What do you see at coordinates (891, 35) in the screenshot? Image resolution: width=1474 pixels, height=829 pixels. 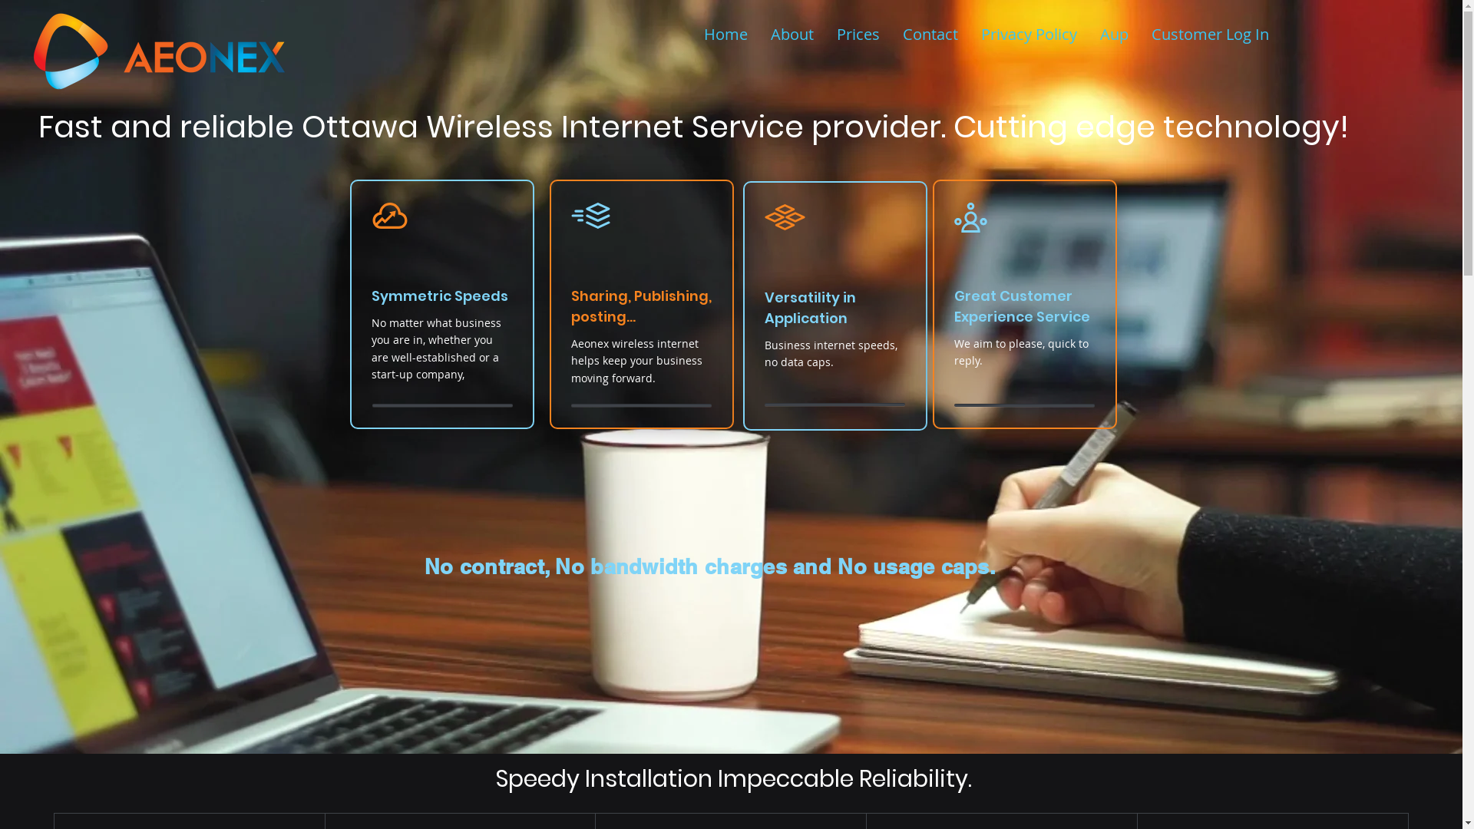 I see `'Contact'` at bounding box center [891, 35].